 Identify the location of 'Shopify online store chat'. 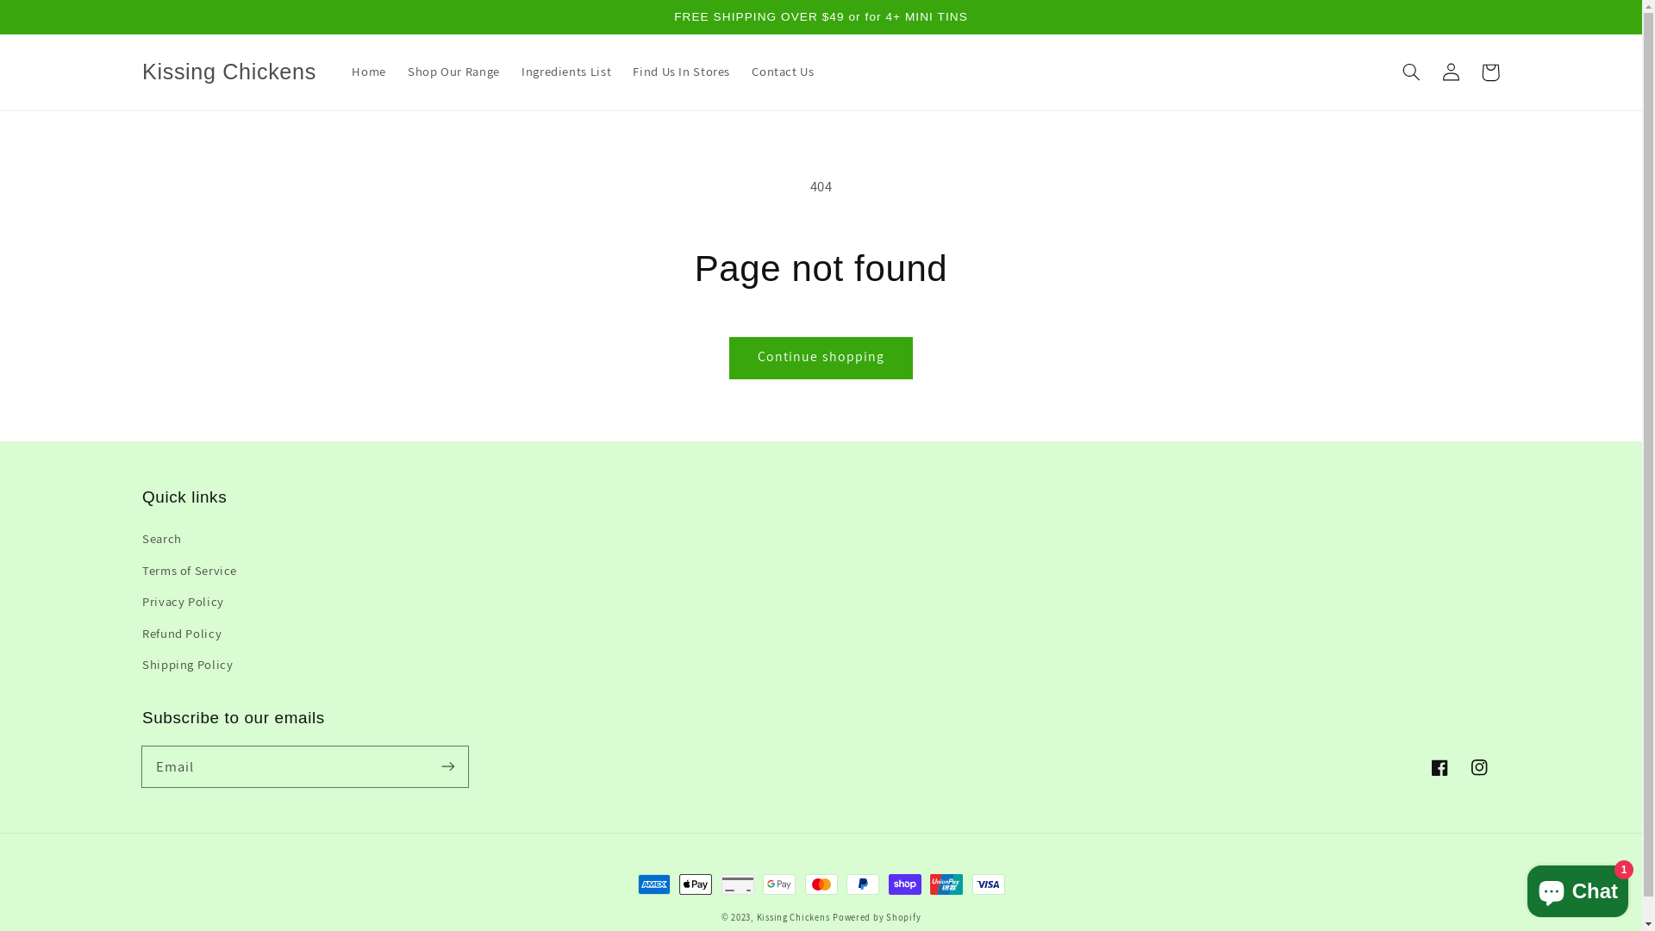
(1577, 887).